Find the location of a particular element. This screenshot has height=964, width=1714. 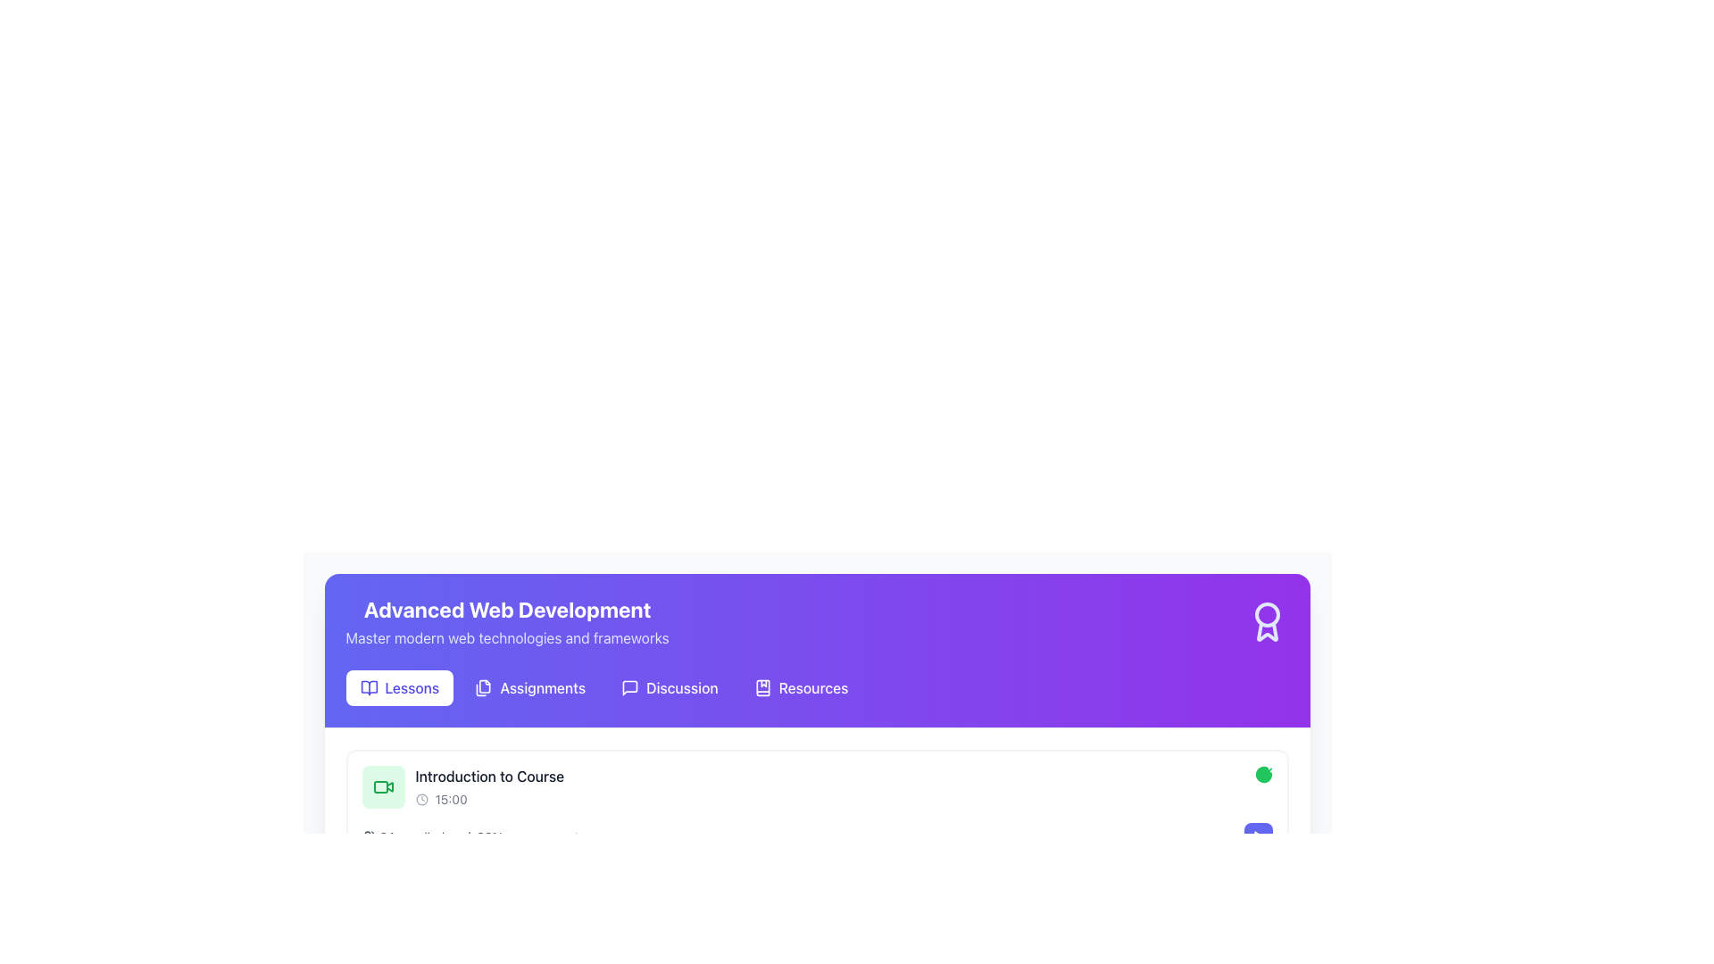

the visual representation of the clock icon located to the left of the text '15:00' in the course details section is located at coordinates (420, 798).